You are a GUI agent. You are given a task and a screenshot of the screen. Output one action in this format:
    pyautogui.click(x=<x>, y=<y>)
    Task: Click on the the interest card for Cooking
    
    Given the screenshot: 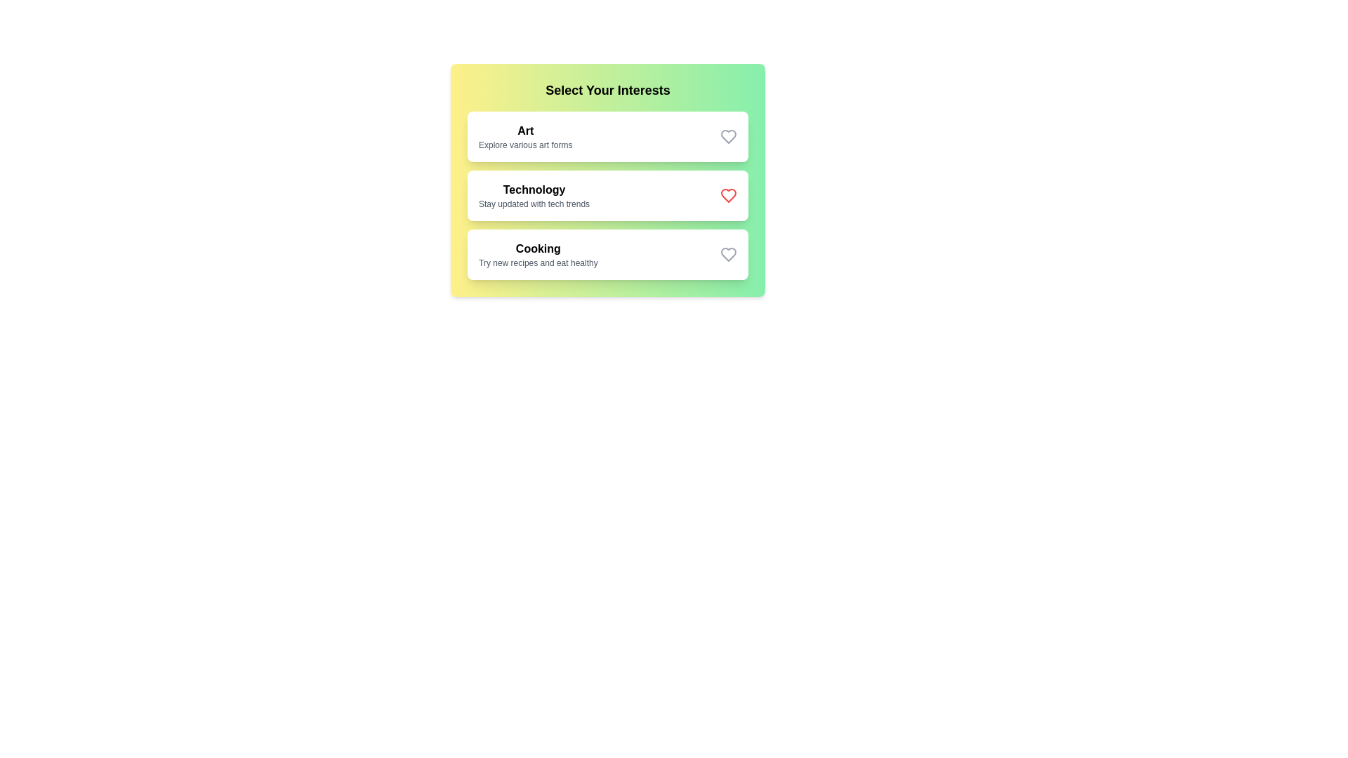 What is the action you would take?
    pyautogui.click(x=607, y=254)
    